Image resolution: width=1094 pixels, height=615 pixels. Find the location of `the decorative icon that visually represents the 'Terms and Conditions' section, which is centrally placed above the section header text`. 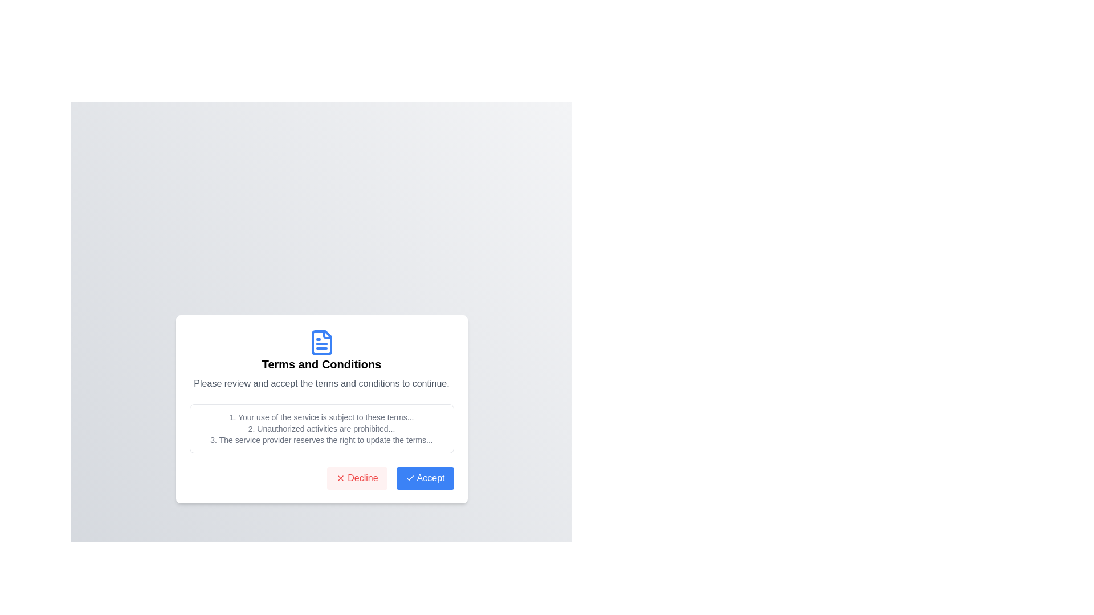

the decorative icon that visually represents the 'Terms and Conditions' section, which is centrally placed above the section header text is located at coordinates (321, 342).